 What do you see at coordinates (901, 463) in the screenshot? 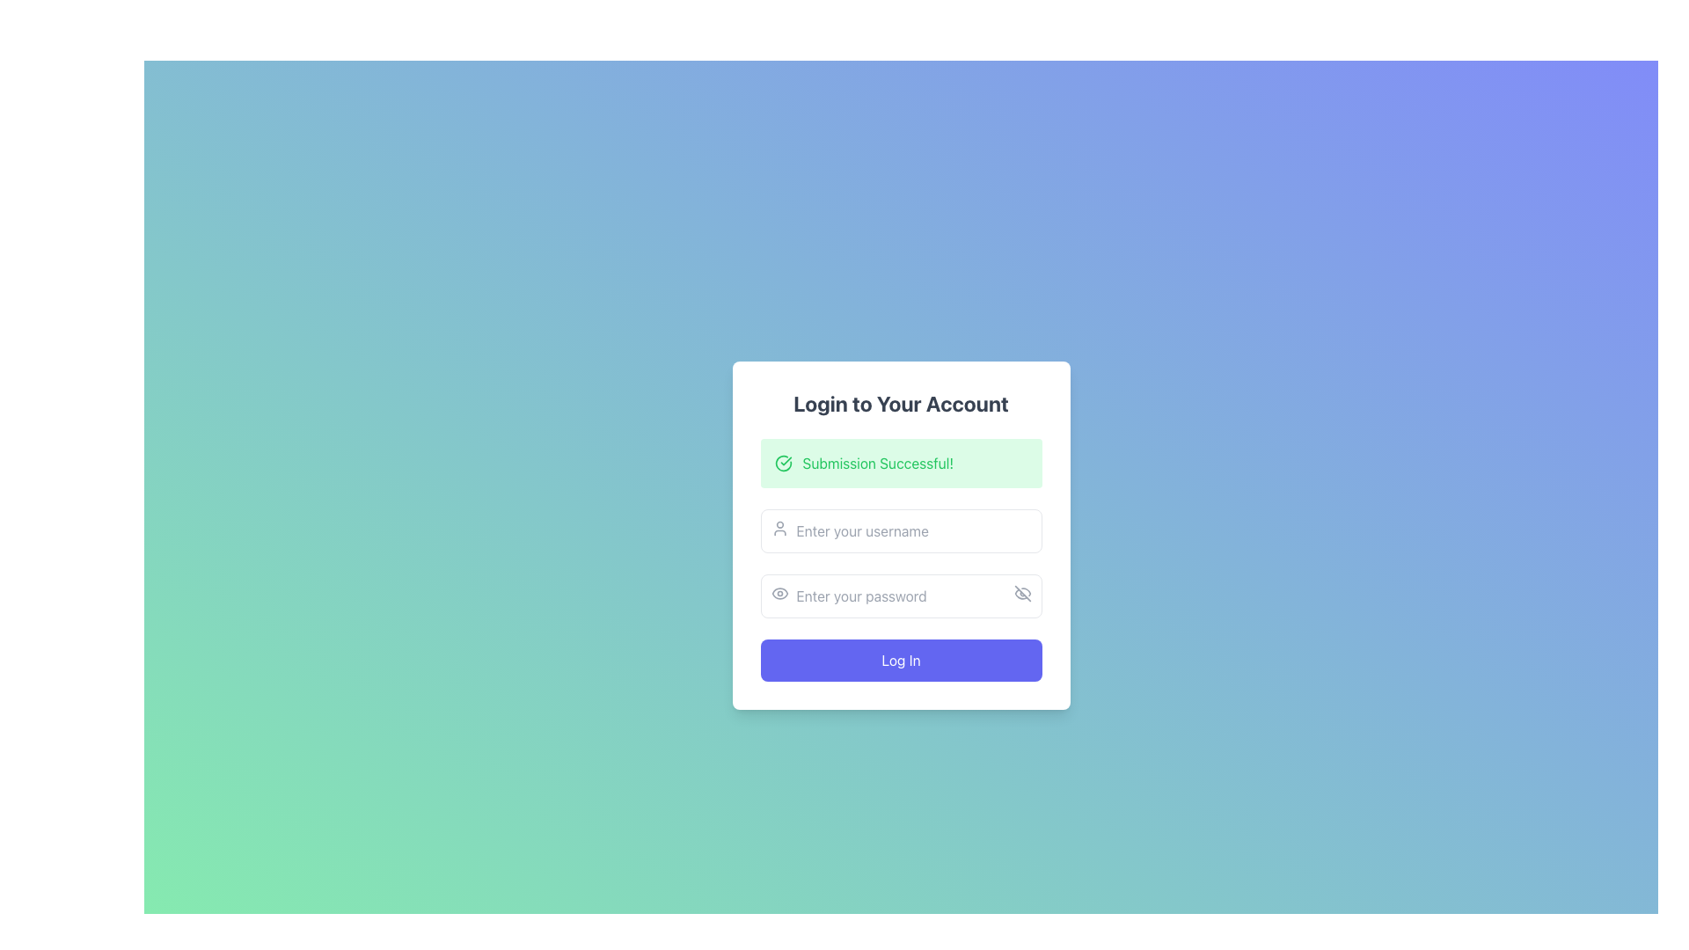
I see `the Notification Message indicating successful completion of a submission action, located beneath the 'Login to Your Account' header and above the input fields` at bounding box center [901, 463].